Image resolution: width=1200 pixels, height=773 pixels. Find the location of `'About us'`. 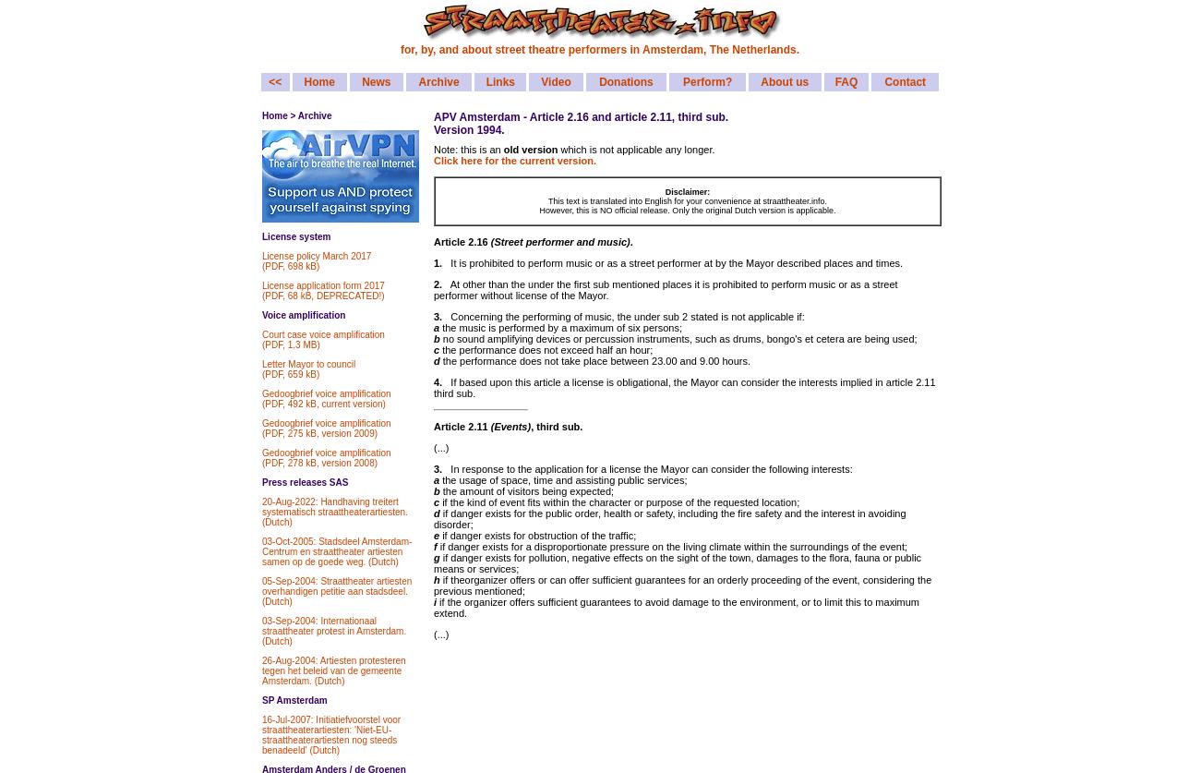

'About us' is located at coordinates (784, 81).